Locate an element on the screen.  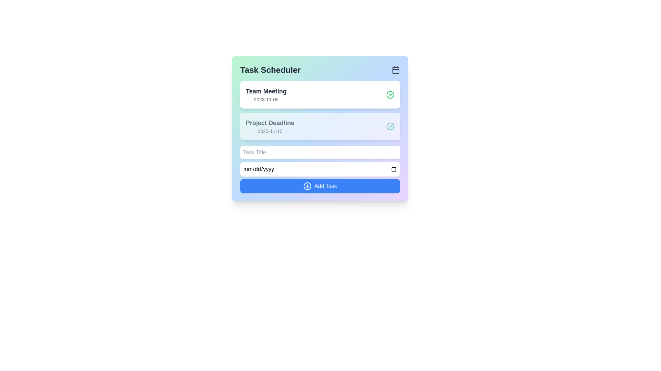
the Text Display element that shows the deadline for a task, located in the second row of the task summary list, below the 'Team Meeting' element is located at coordinates (270, 126).